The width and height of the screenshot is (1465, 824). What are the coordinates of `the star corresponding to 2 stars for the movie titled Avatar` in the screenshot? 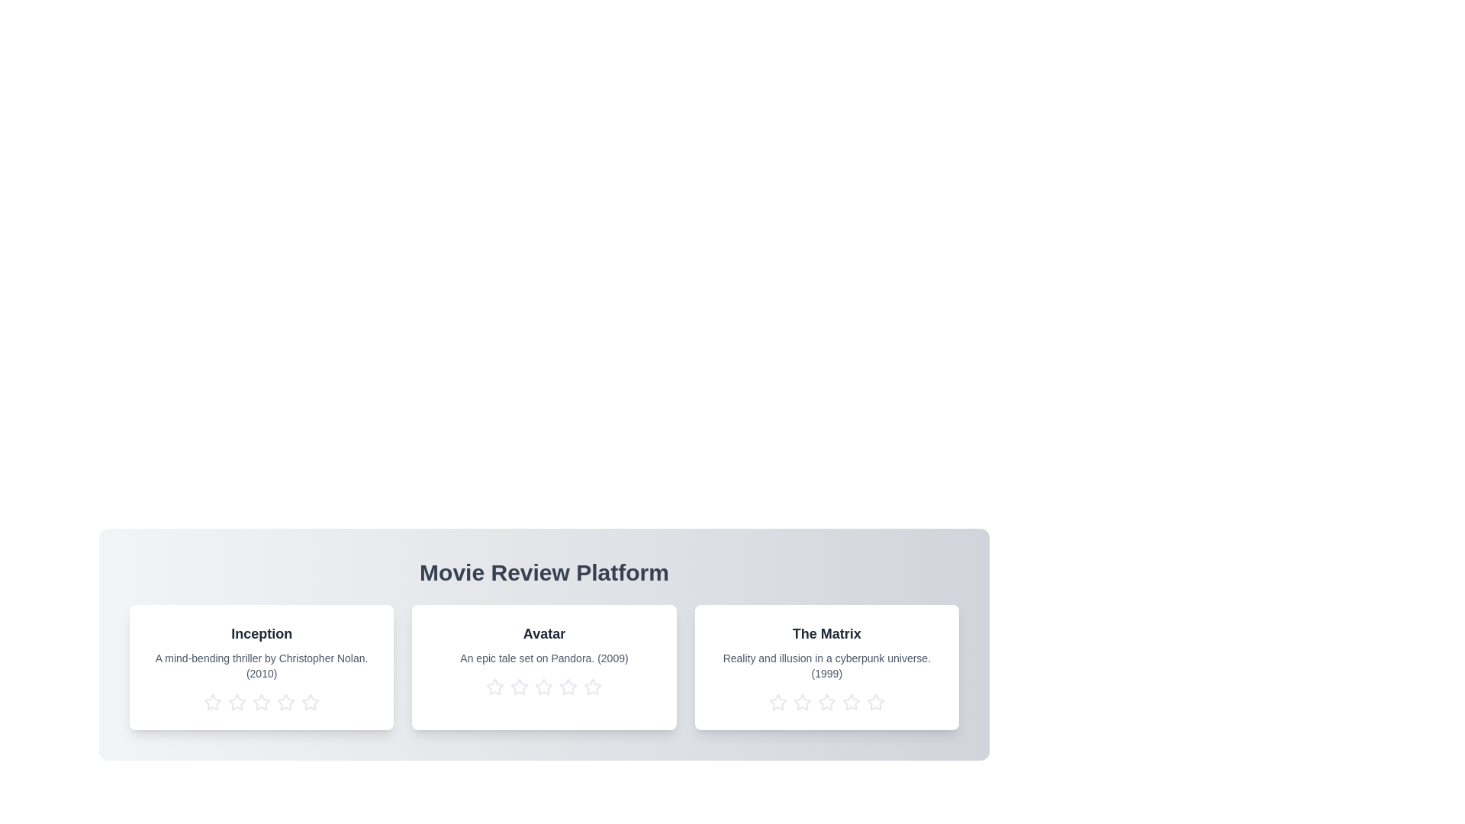 It's located at (520, 687).